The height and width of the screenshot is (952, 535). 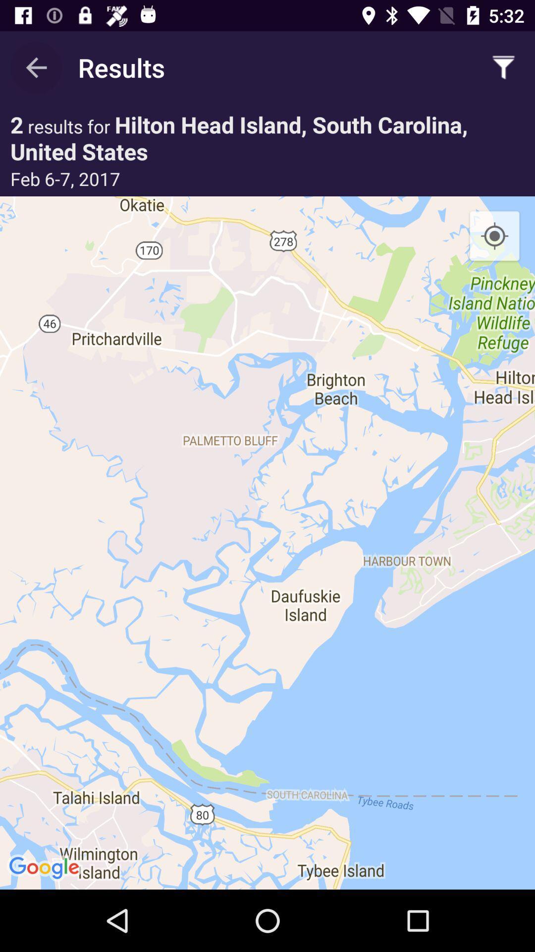 What do you see at coordinates (494, 236) in the screenshot?
I see `the location_crosshair icon` at bounding box center [494, 236].